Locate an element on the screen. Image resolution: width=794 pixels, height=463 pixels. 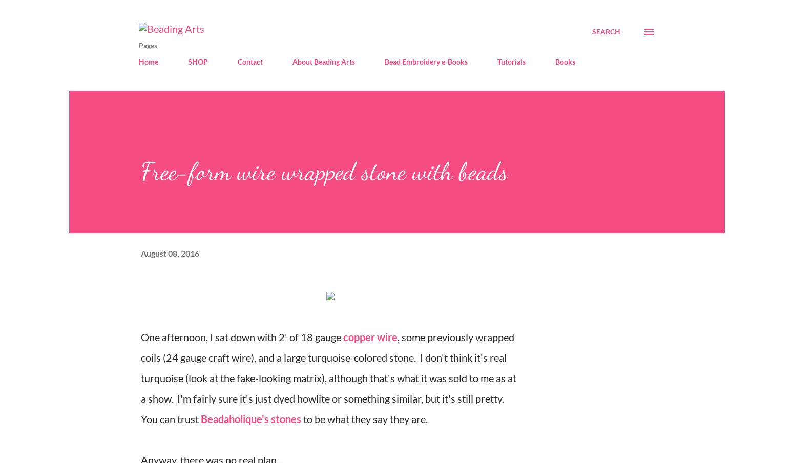
'Artist Profiles' is located at coordinates (299, 86).